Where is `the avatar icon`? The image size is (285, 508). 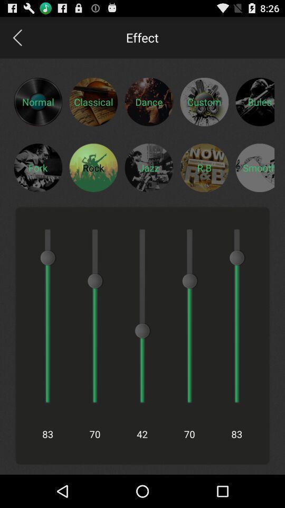 the avatar icon is located at coordinates (204, 108).